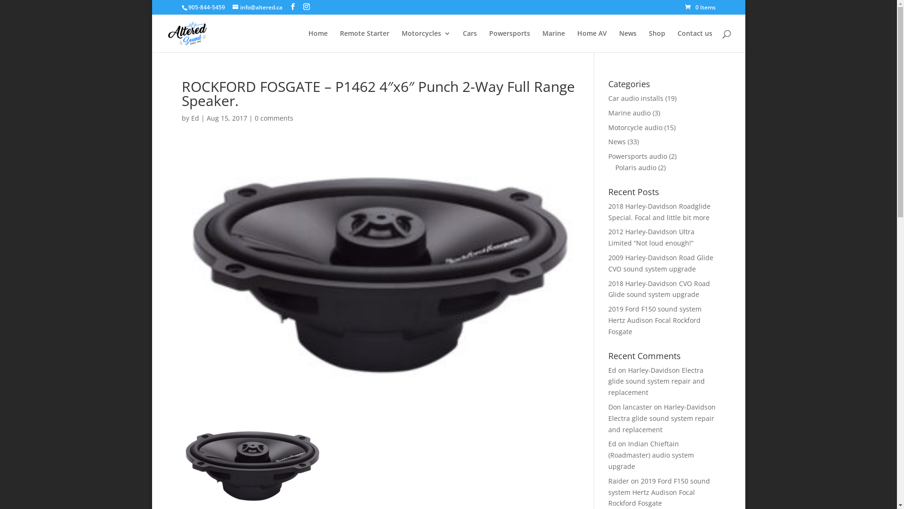  What do you see at coordinates (660, 263) in the screenshot?
I see `'2009 Harley-Davidson Road Glide CVO sound system upgrade'` at bounding box center [660, 263].